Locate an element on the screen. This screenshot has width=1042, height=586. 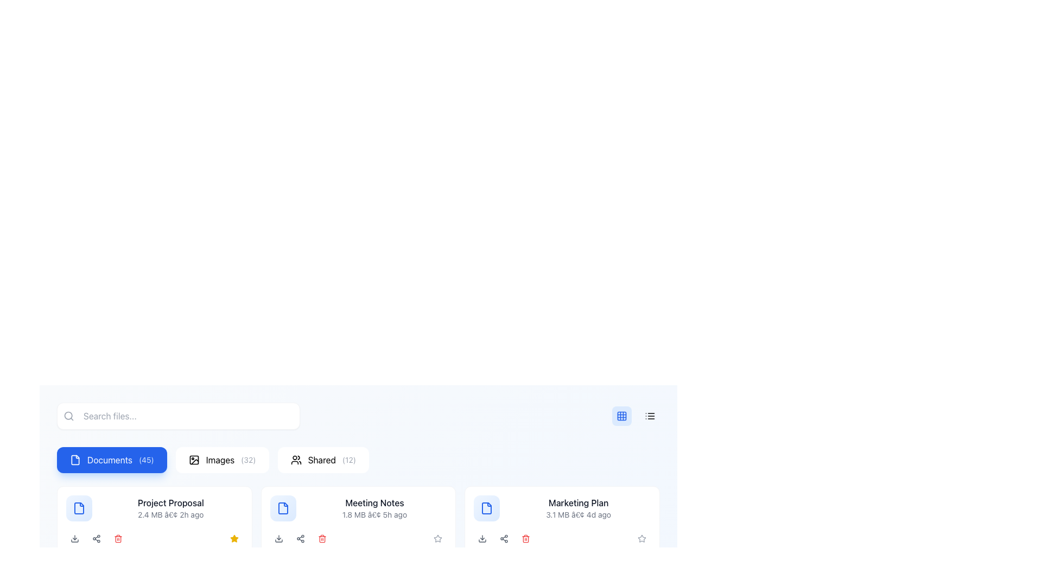
the star icon located at the bottom right of the 'Marketing Plan' card is located at coordinates (438, 538).